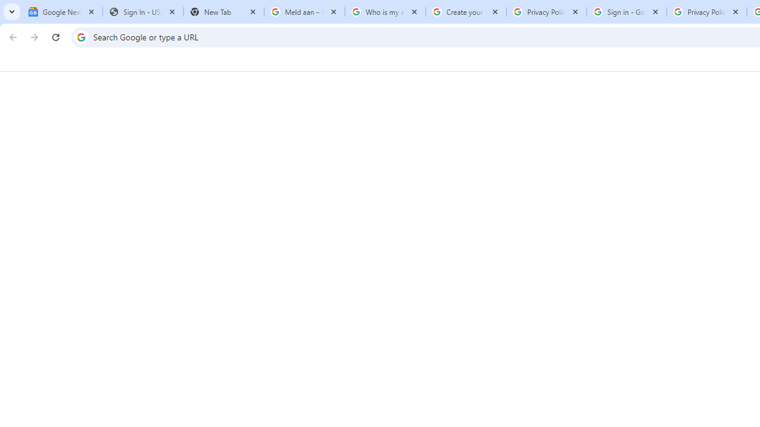 The width and height of the screenshot is (760, 427). Describe the element at coordinates (142, 12) in the screenshot. I see `'Sign In - USA TODAY'` at that location.